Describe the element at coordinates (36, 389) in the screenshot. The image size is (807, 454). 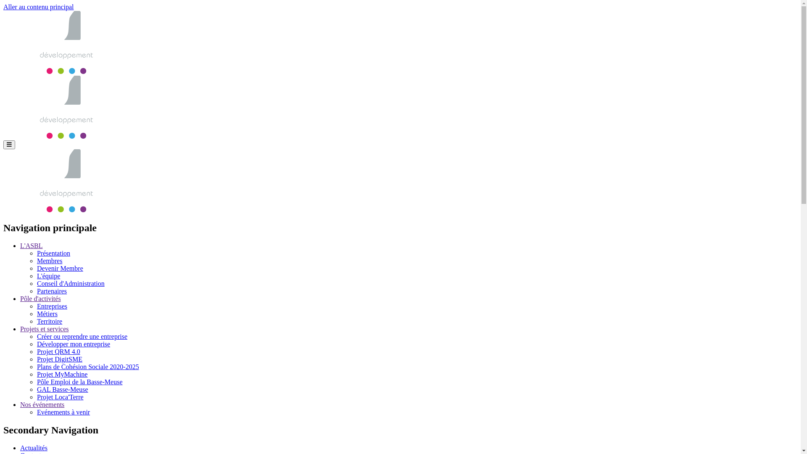
I see `'GAL Basse-Meuse'` at that location.